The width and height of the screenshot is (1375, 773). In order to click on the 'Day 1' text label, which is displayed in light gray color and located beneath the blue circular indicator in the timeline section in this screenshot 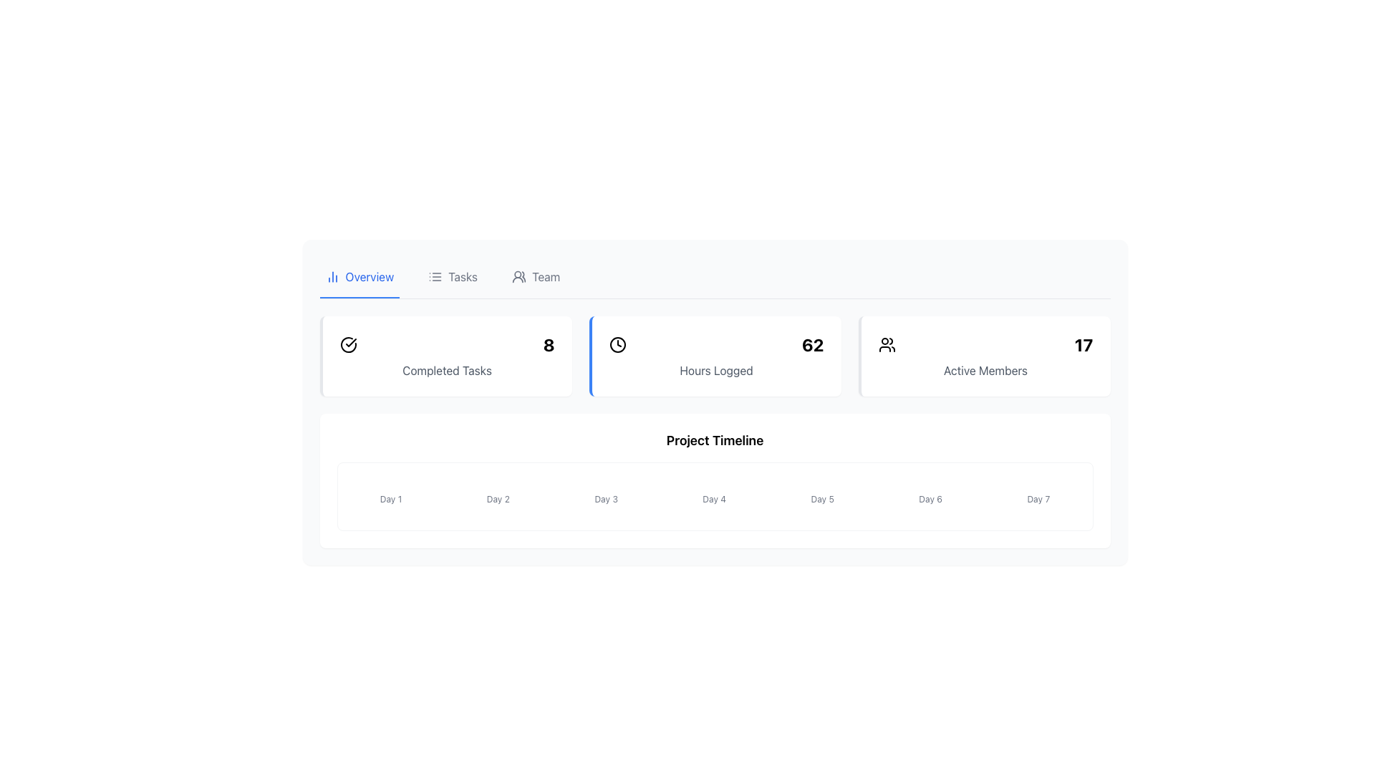, I will do `click(391, 499)`.